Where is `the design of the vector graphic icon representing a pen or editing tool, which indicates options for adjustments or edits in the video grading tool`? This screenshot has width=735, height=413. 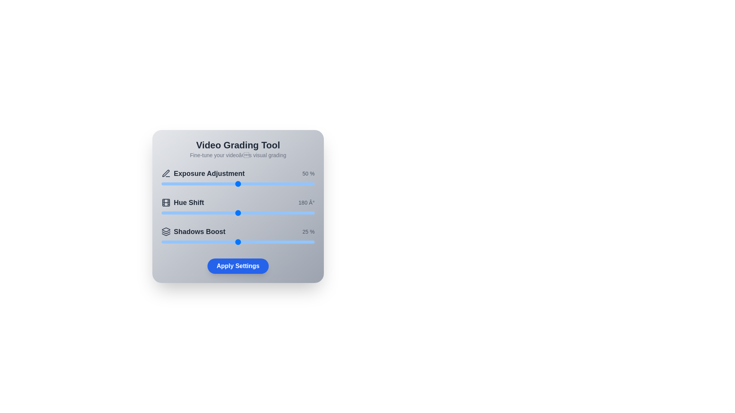 the design of the vector graphic icon representing a pen or editing tool, which indicates options for adjustments or edits in the video grading tool is located at coordinates (165, 173).